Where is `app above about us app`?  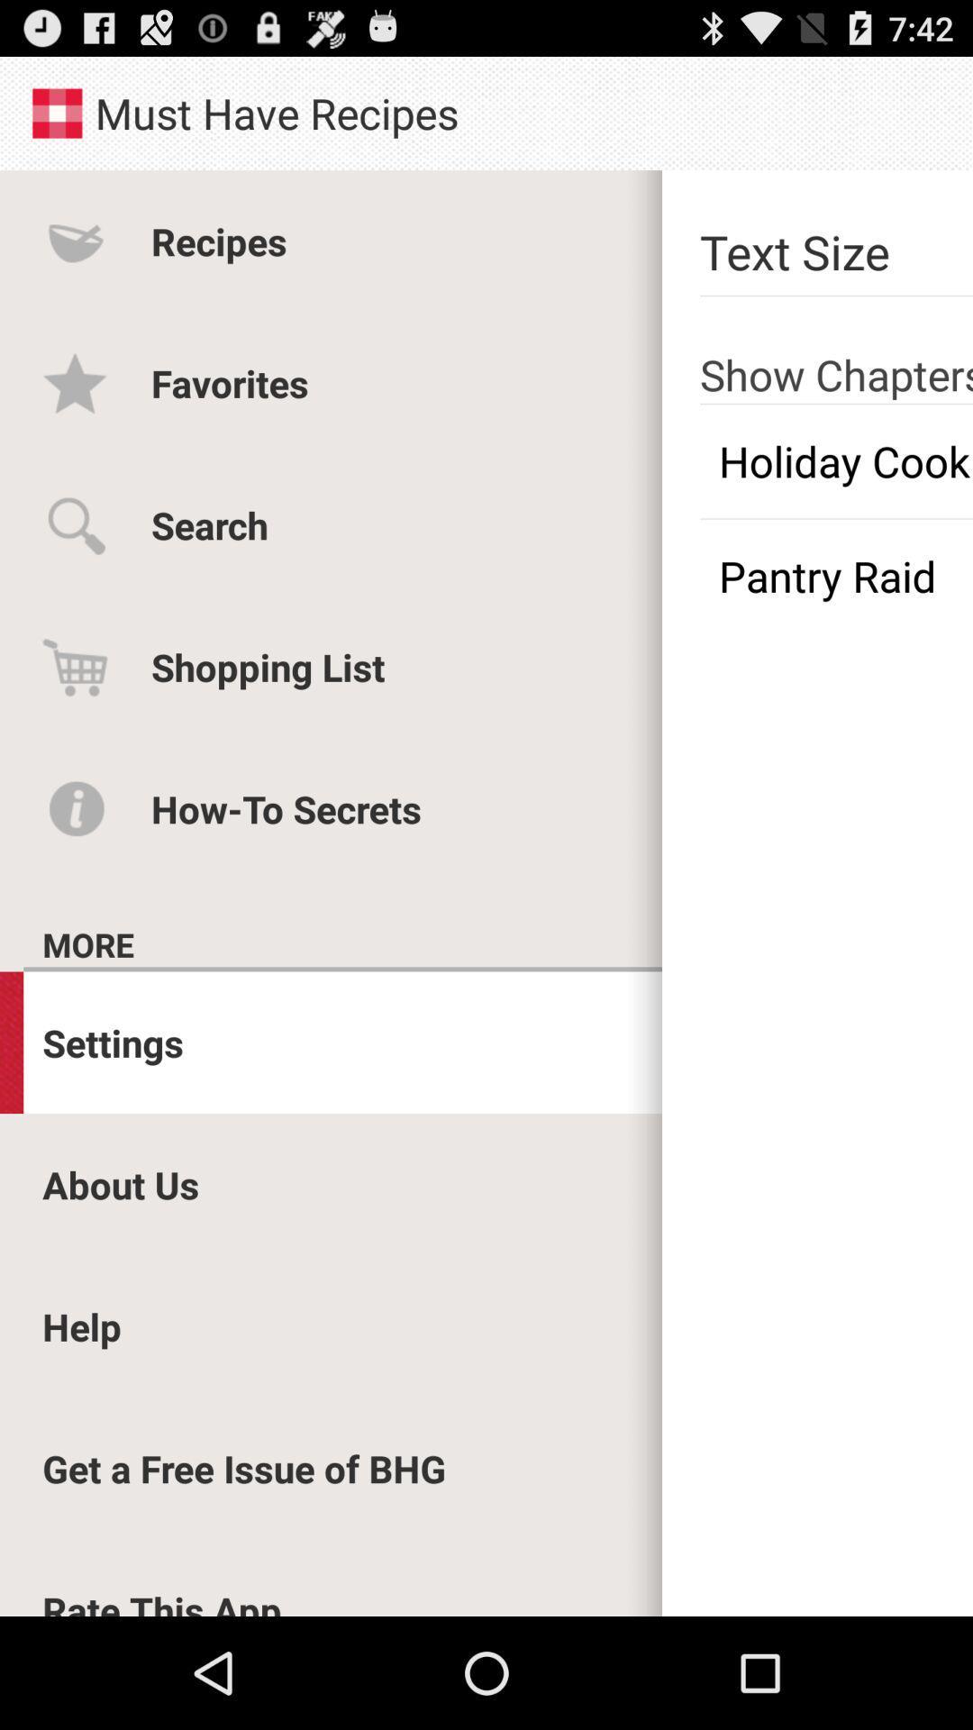 app above about us app is located at coordinates (113, 1043).